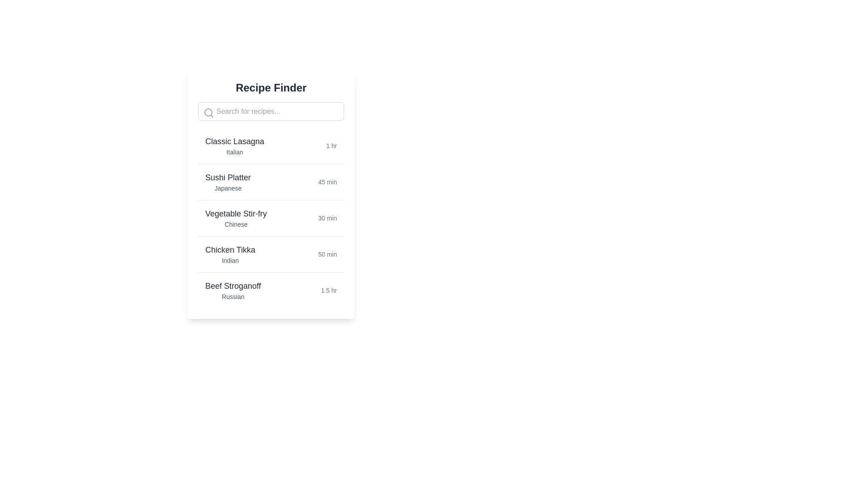 The image size is (857, 482). What do you see at coordinates (230, 260) in the screenshot?
I see `text content of the Text Label that describes the cuisine type for the recipe 'Chicken Tikka', located below the recipe title in the Recipe Finder list` at bounding box center [230, 260].